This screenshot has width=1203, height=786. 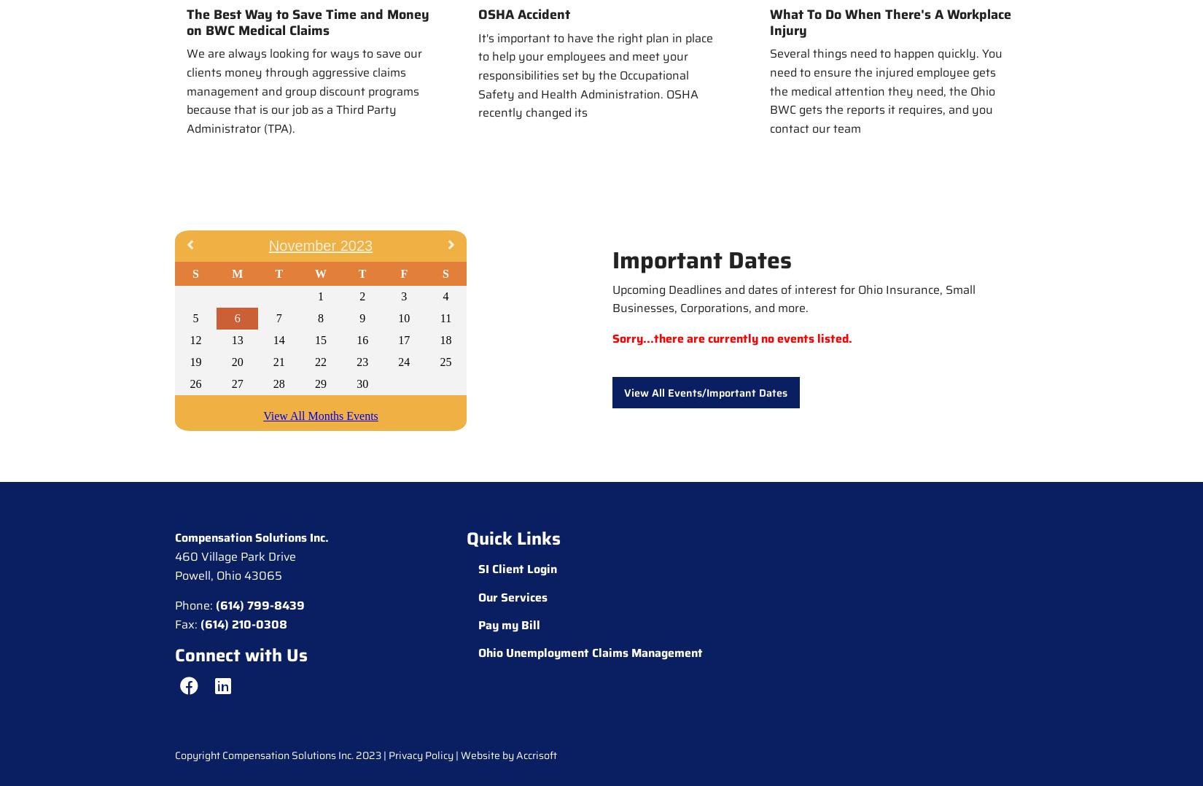 I want to click on 'Fax:', so click(x=187, y=623).